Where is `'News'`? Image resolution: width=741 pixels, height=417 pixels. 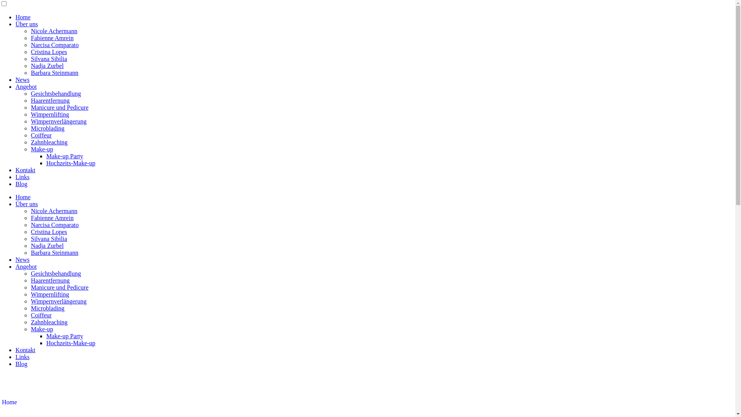 'News' is located at coordinates (22, 80).